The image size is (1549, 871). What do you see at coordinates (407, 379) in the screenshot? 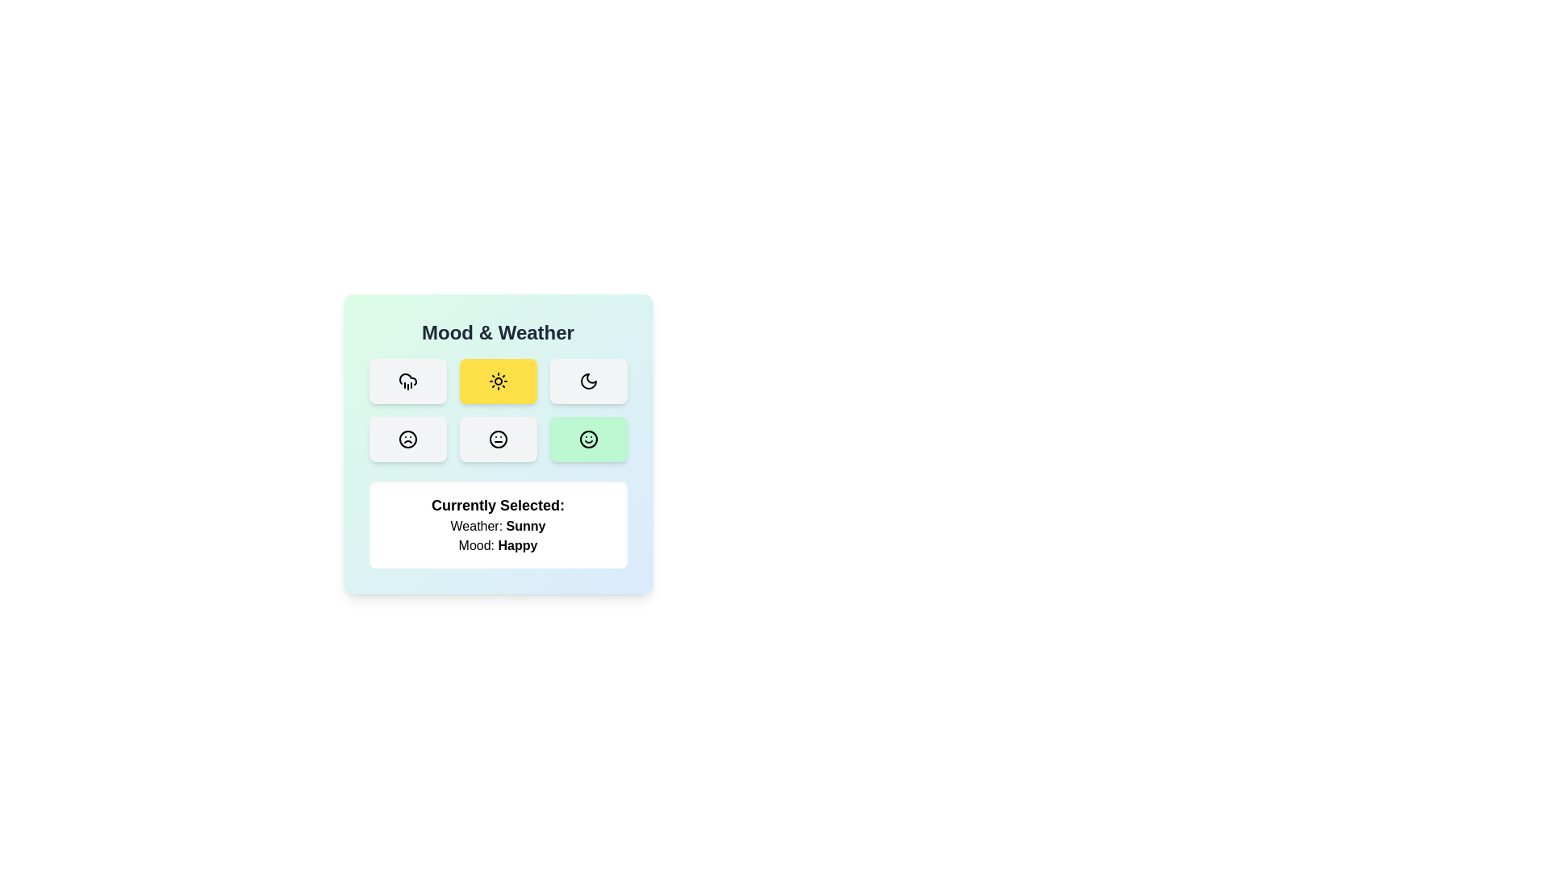
I see `the cloud icon in the 'Mood & Weather' section, which is located in the leftmost column of the second row, depicting a minimalistic cloud with rain elements` at bounding box center [407, 379].